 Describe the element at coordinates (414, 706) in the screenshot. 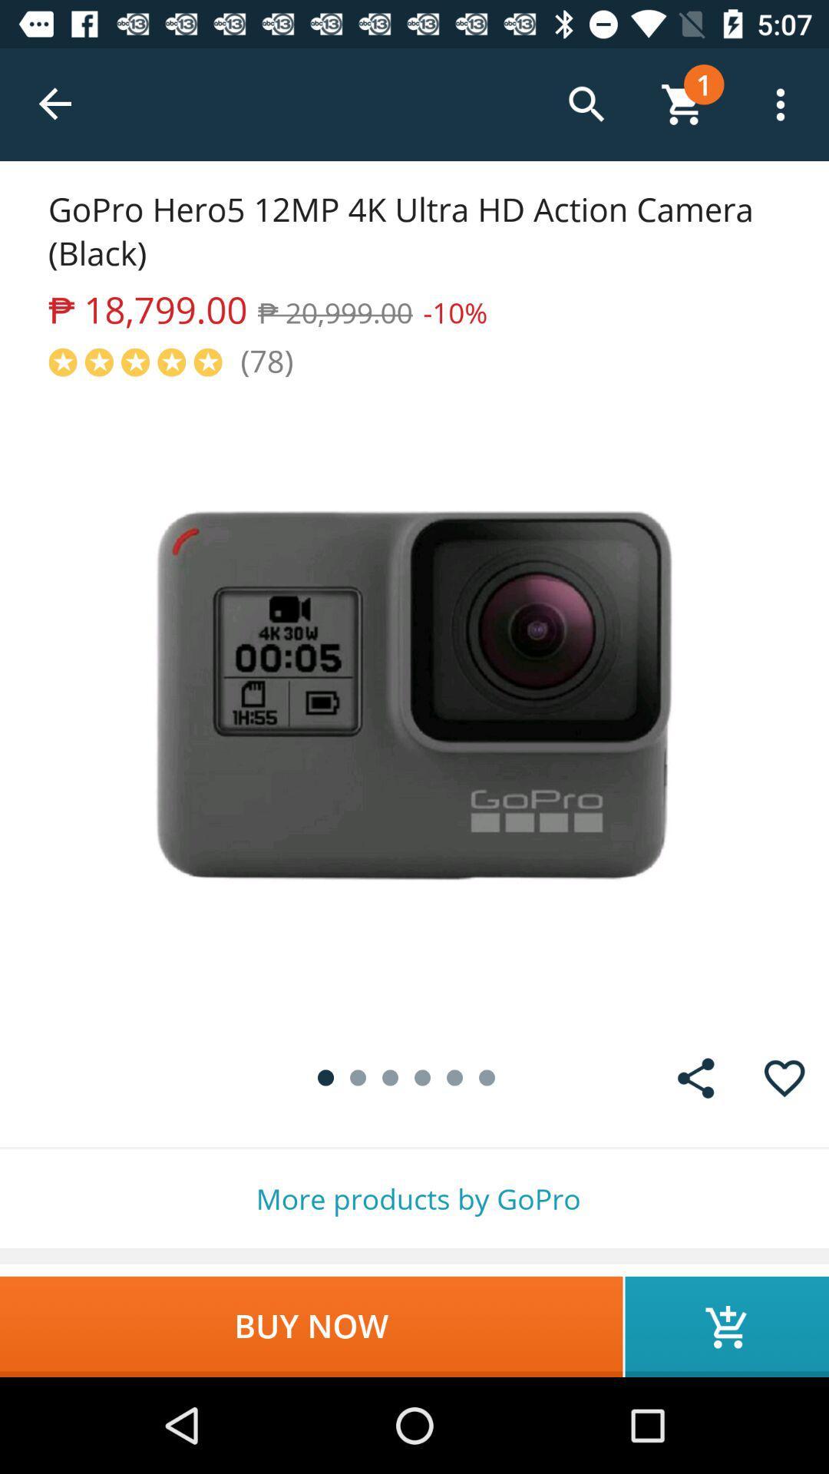

I see `item below (78) item` at that location.